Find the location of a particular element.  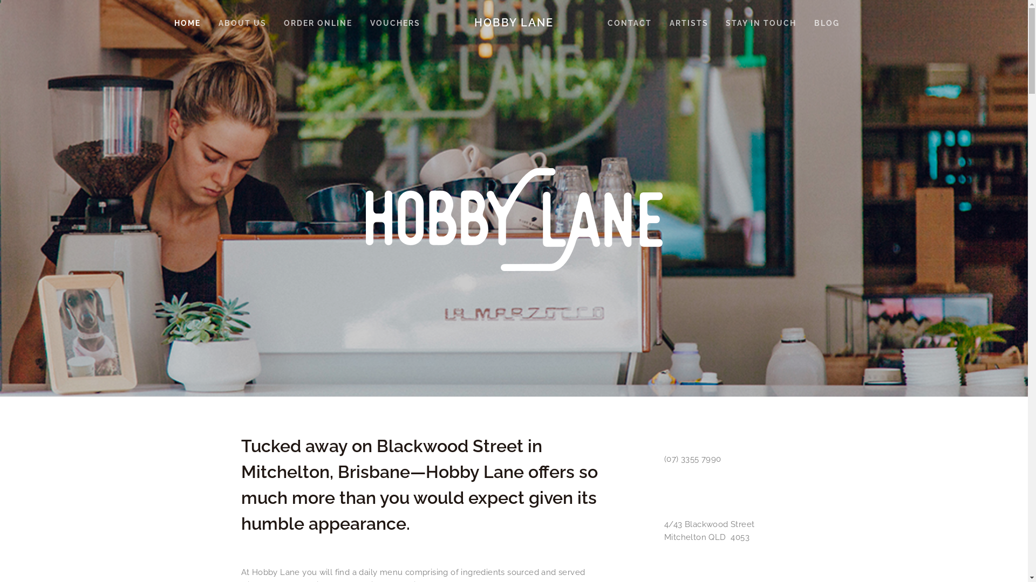

'BLOG' is located at coordinates (826, 23).